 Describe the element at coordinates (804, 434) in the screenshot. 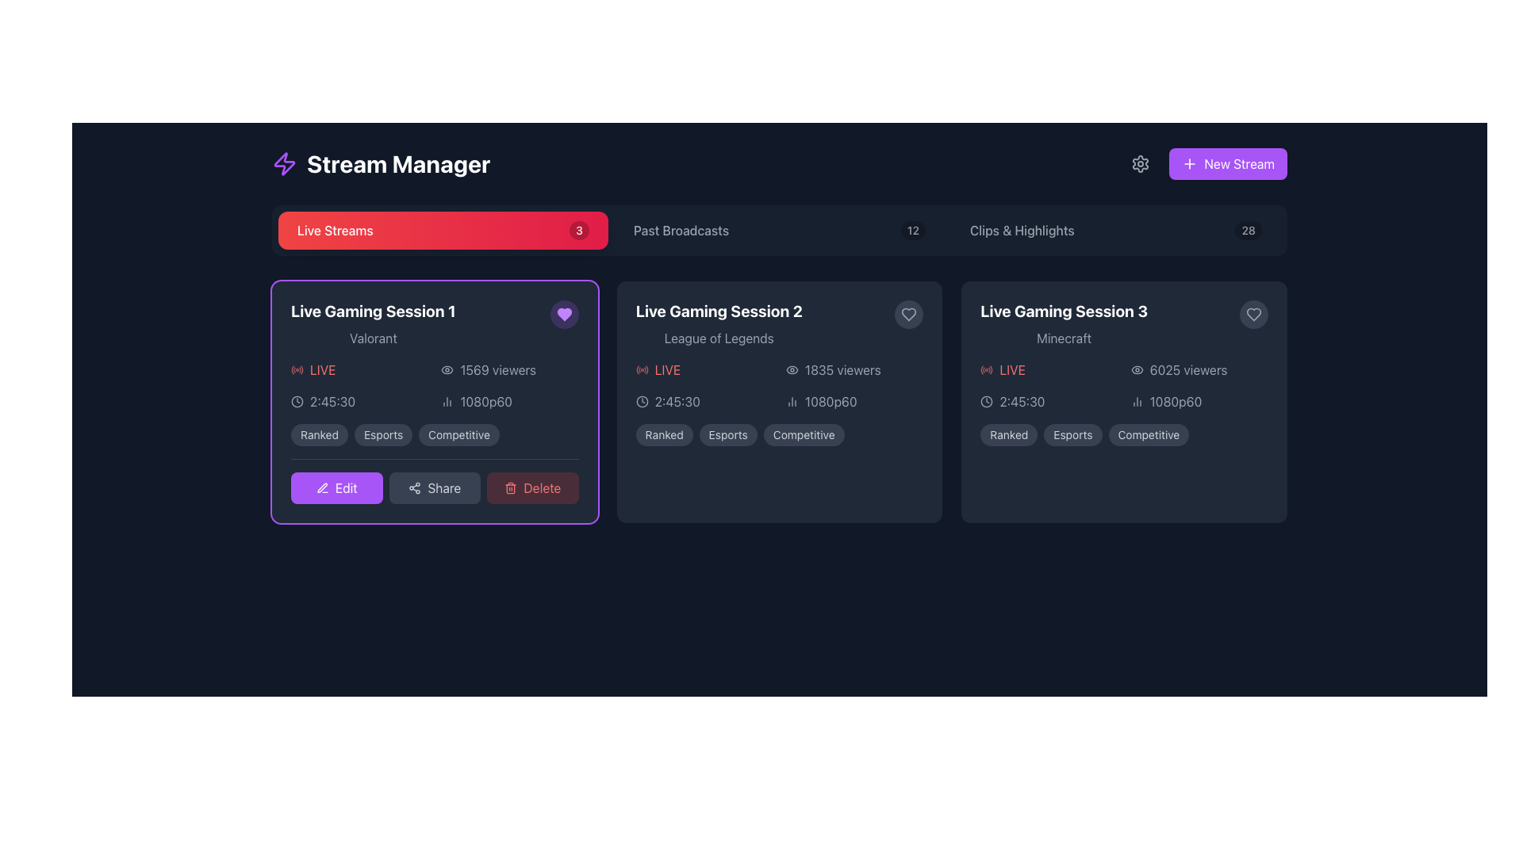

I see `text of the rounded rectangular label badge that contains 'Competitive', which is the third tag in the sequence of tags aligned horizontally within the 'Live Gaming Session 2' card` at that location.